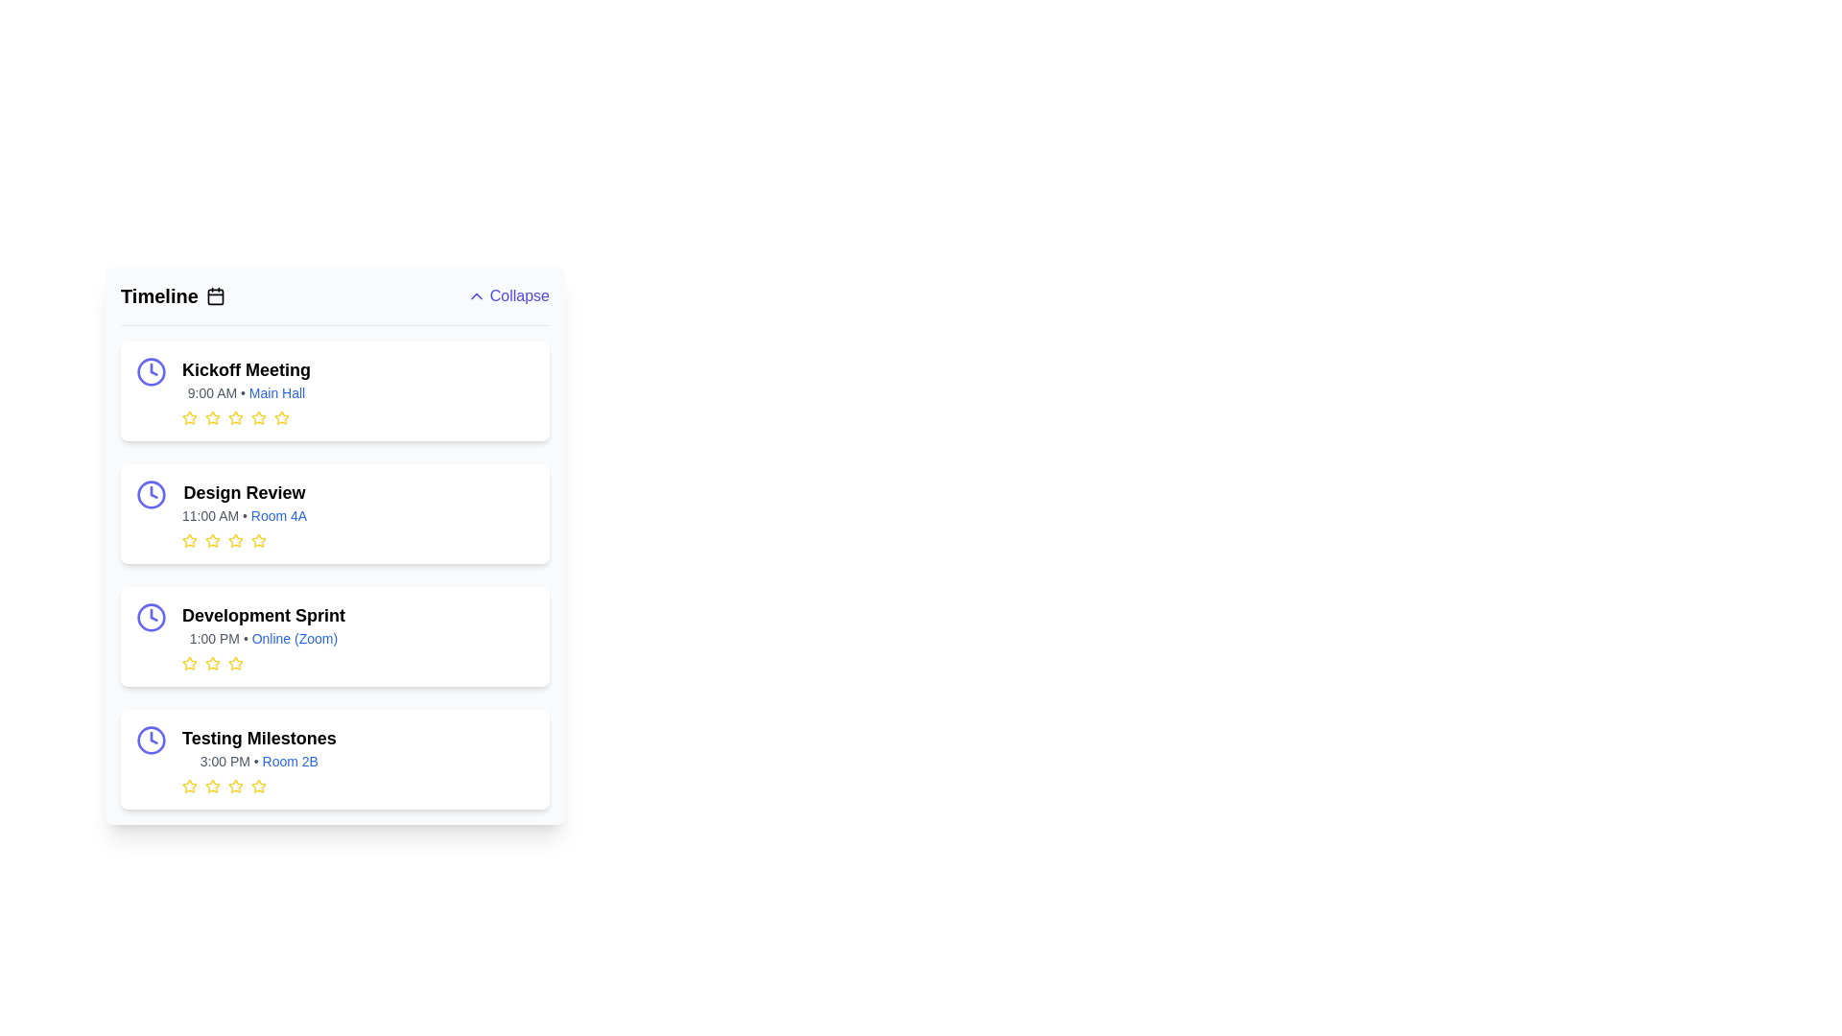 The width and height of the screenshot is (1842, 1036). I want to click on the time-related icon located at the top-left corner of the 'Kickoff Meeting' card by moving the cursor to it, so click(151, 372).